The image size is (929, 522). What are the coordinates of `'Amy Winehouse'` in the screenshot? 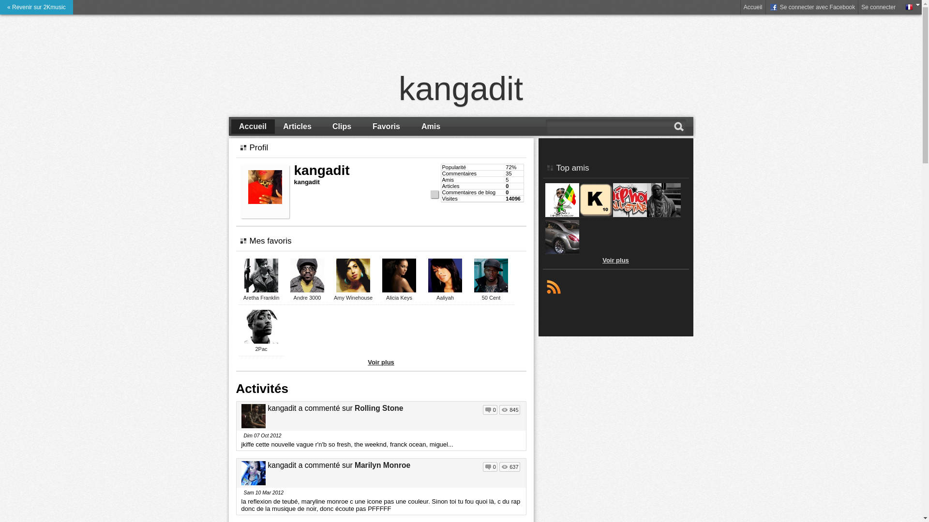 It's located at (352, 297).